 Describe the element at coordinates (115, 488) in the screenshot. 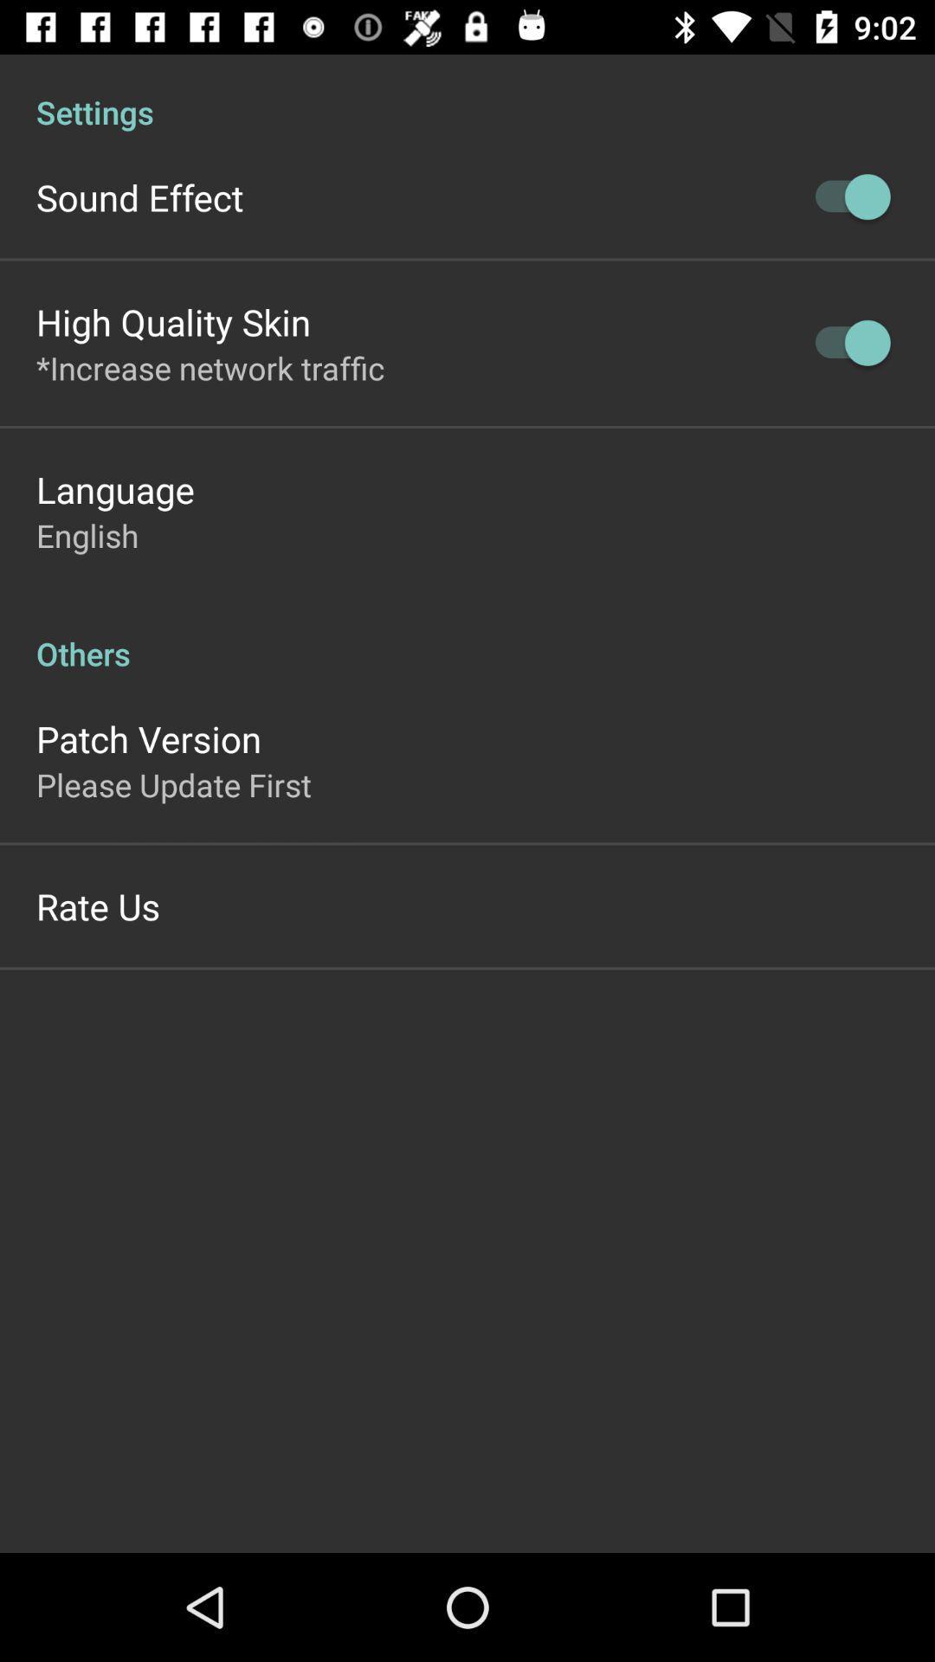

I see `the app below the *increase network traffic item` at that location.